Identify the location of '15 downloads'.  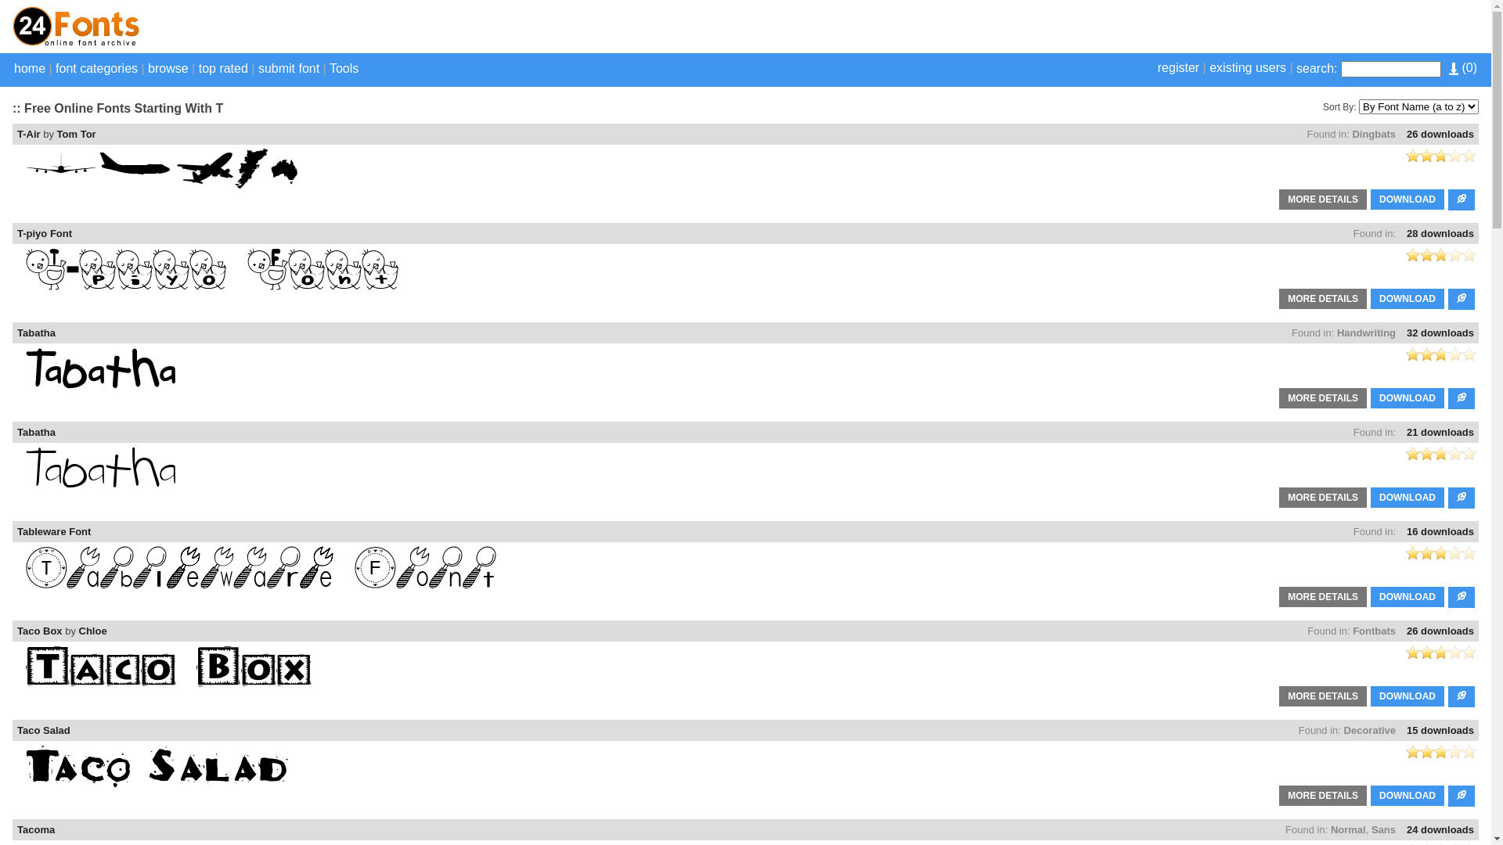
(1440, 730).